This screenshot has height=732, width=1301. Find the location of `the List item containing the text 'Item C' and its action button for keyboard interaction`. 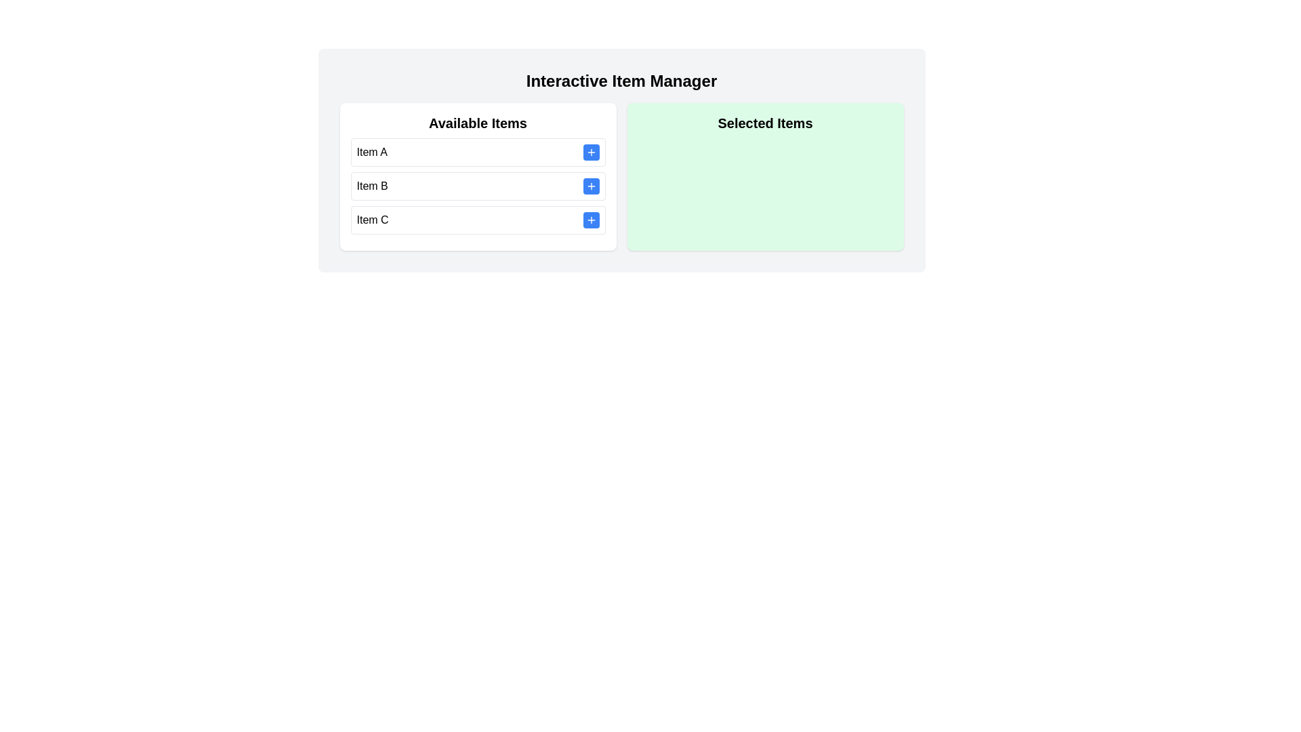

the List item containing the text 'Item C' and its action button for keyboard interaction is located at coordinates (478, 219).